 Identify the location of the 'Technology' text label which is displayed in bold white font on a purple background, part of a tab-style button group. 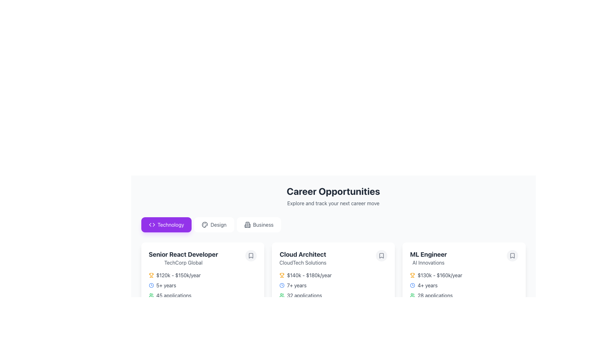
(171, 224).